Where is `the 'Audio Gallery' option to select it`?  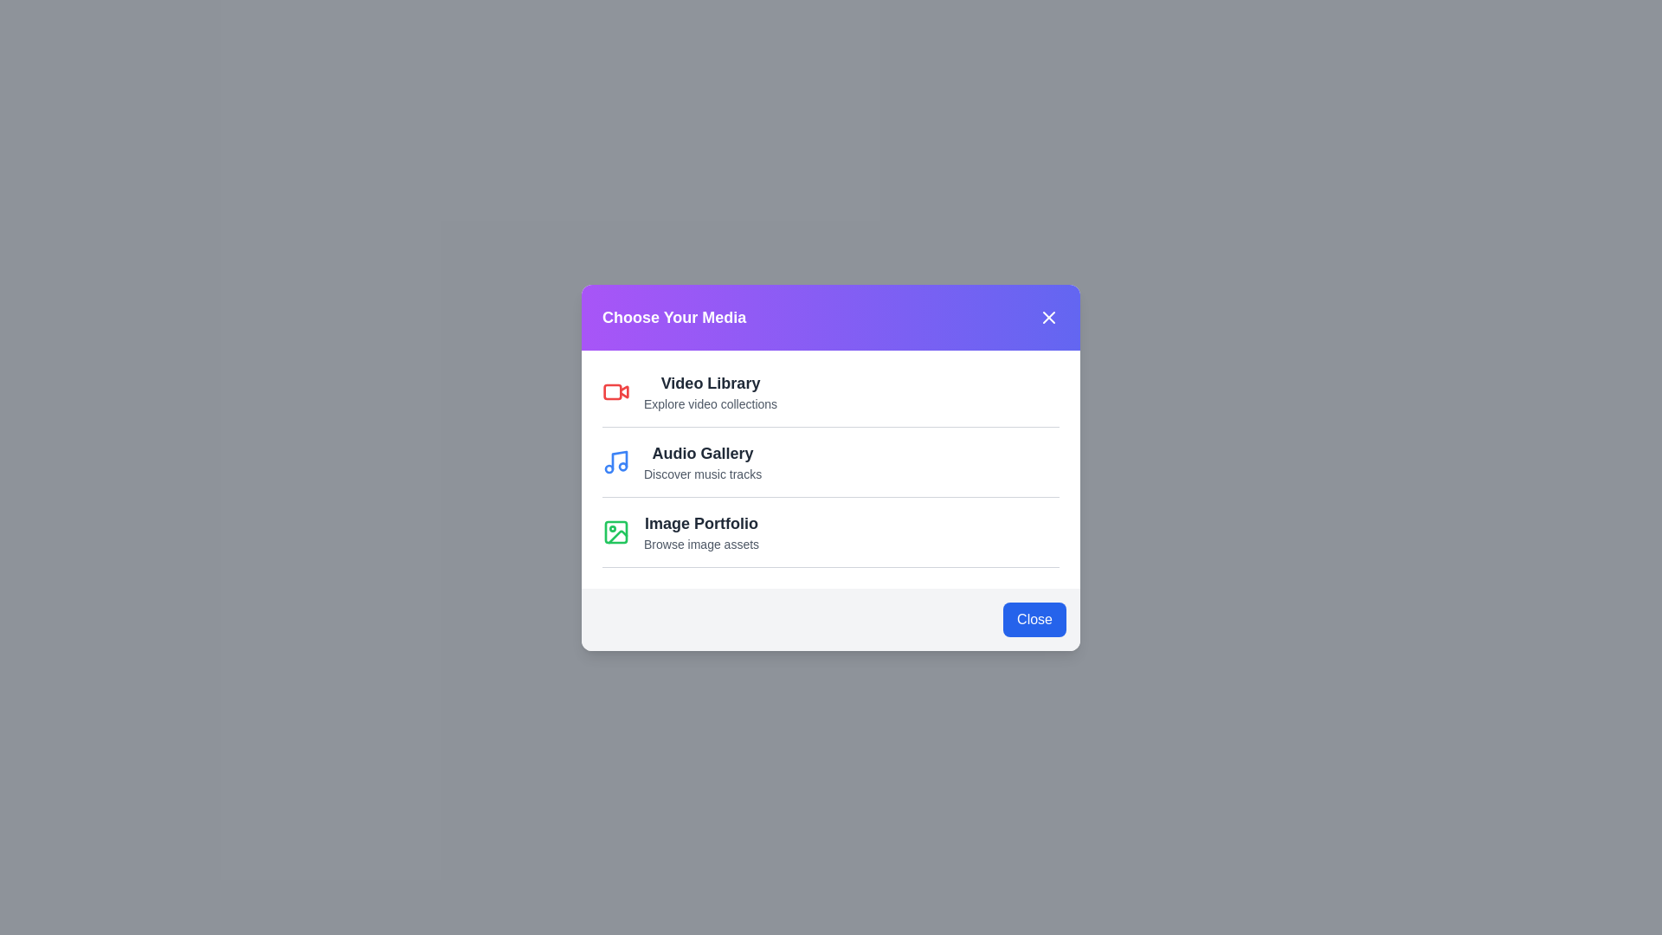 the 'Audio Gallery' option to select it is located at coordinates (702, 460).